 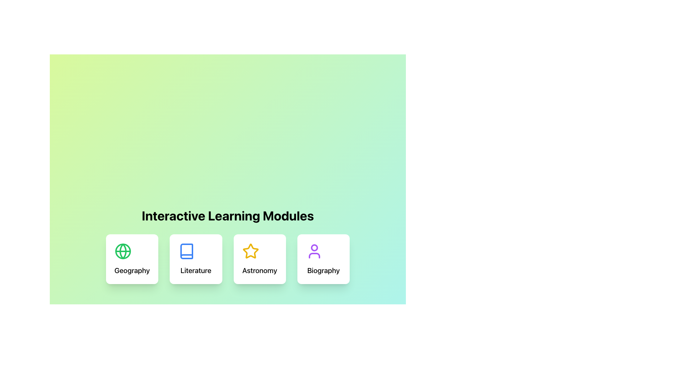 I want to click on the icon of a book with a blue outline located in the second card from the left above the text 'Literature', so click(x=187, y=251).